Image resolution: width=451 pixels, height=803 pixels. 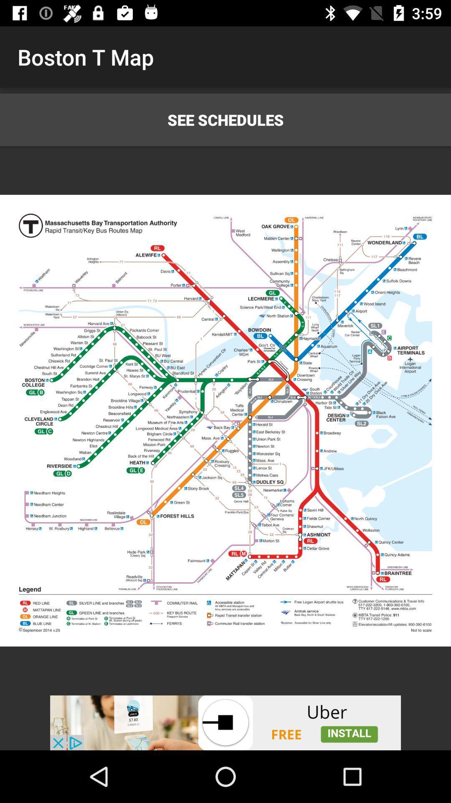 I want to click on unrelated advertisement, so click(x=225, y=722).